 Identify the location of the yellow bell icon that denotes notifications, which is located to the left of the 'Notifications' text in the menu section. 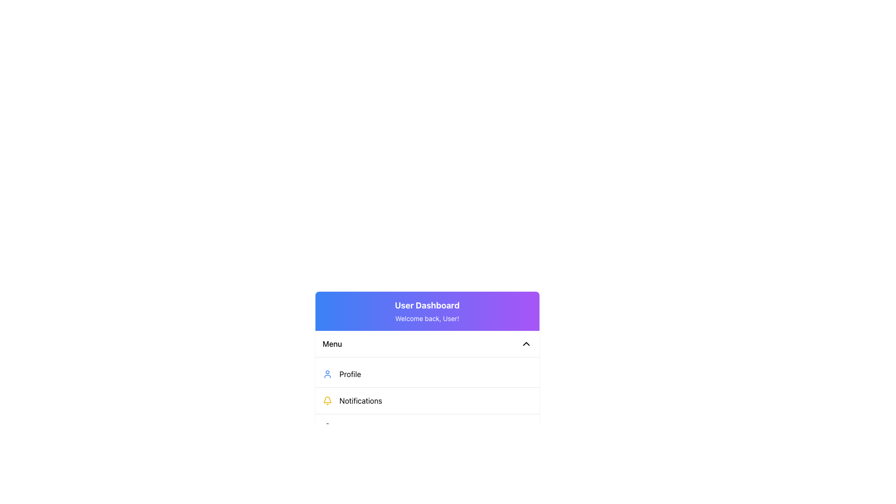
(327, 400).